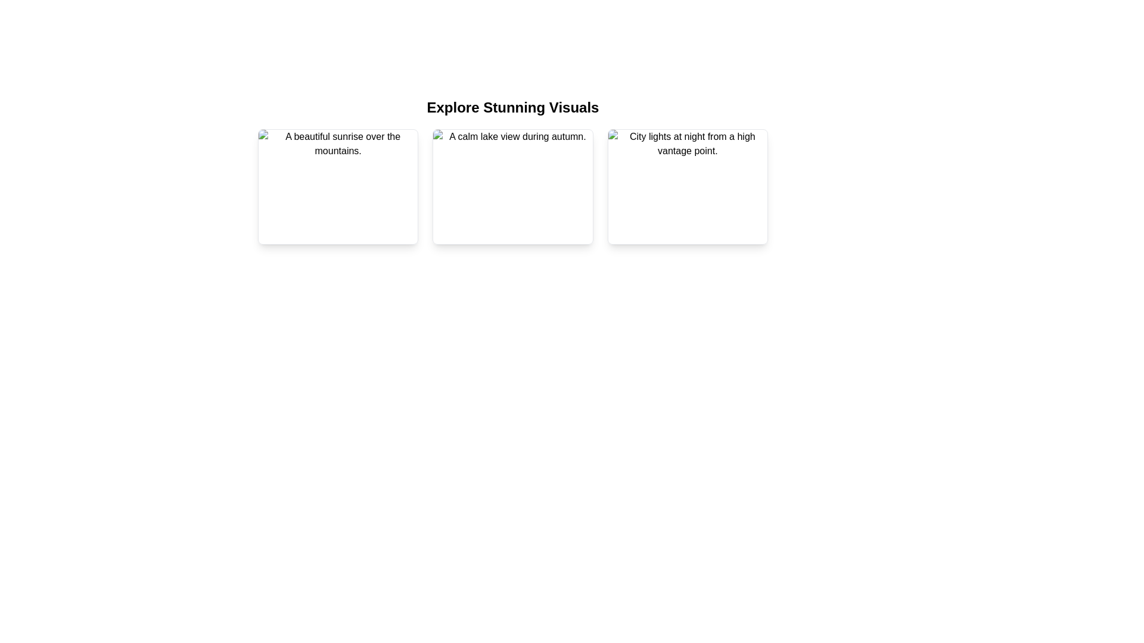 Image resolution: width=1144 pixels, height=643 pixels. I want to click on the Content Card displaying 'City lights at night from a high vantage point', which is the third card in a grid of three, located on the rightmost end, so click(688, 186).